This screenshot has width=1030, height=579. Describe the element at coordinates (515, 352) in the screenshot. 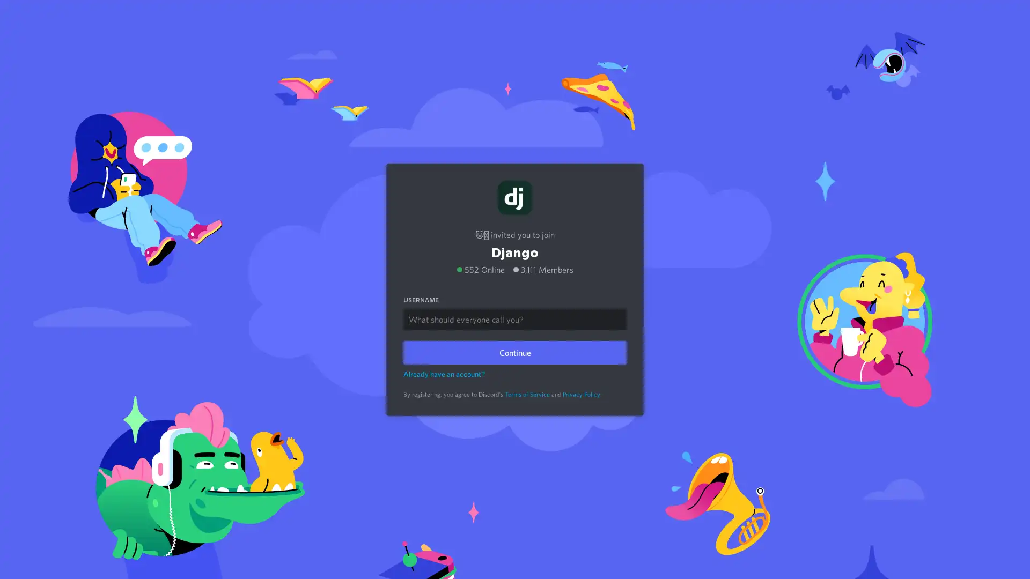

I see `Continue` at that location.